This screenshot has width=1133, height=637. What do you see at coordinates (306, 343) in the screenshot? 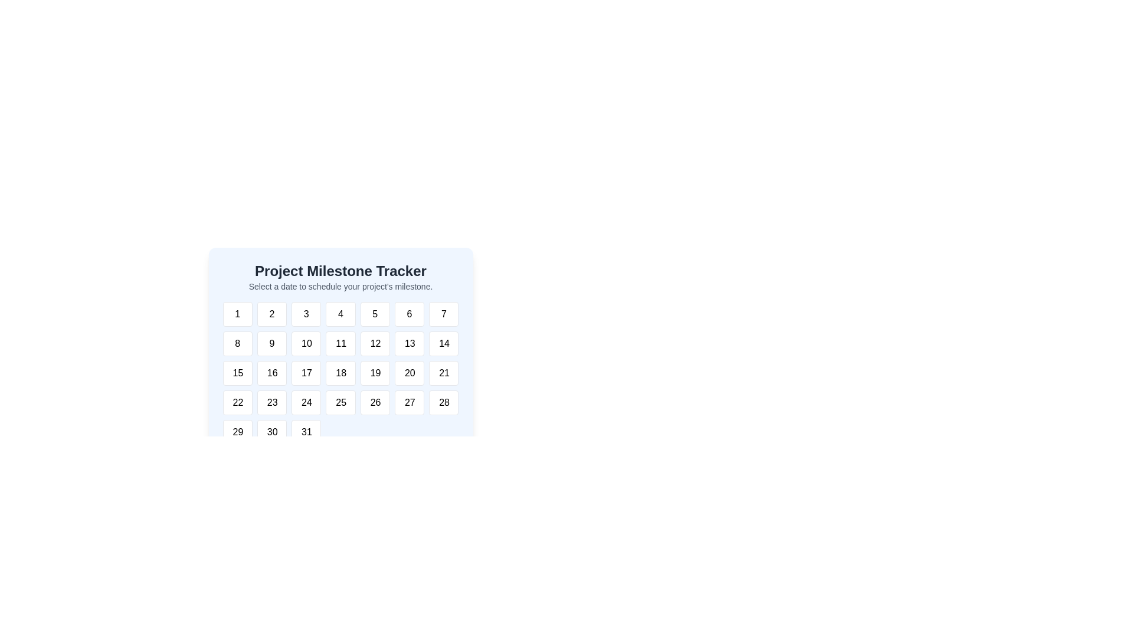
I see `the button that allows the user` at bounding box center [306, 343].